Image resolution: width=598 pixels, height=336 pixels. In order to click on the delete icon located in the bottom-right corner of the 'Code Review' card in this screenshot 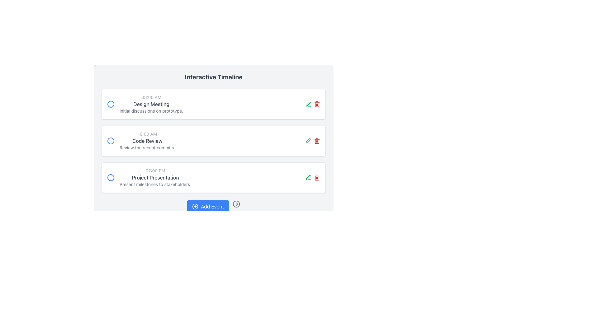, I will do `click(317, 141)`.